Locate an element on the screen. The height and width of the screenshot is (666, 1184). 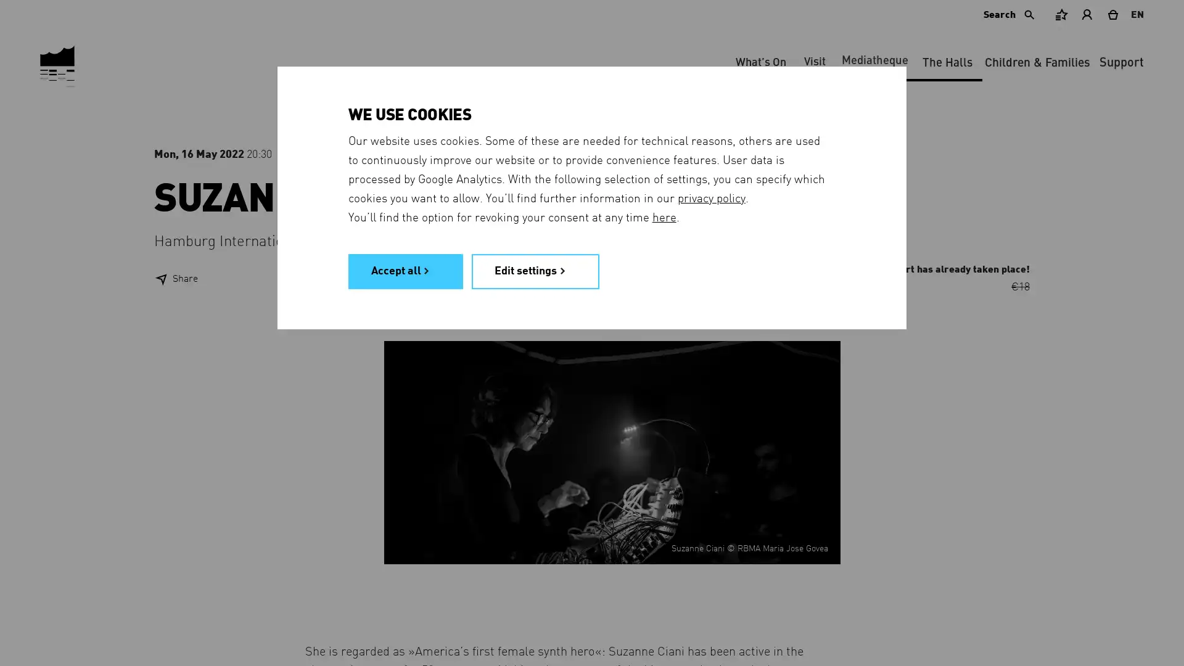
Share is located at coordinates (175, 279).